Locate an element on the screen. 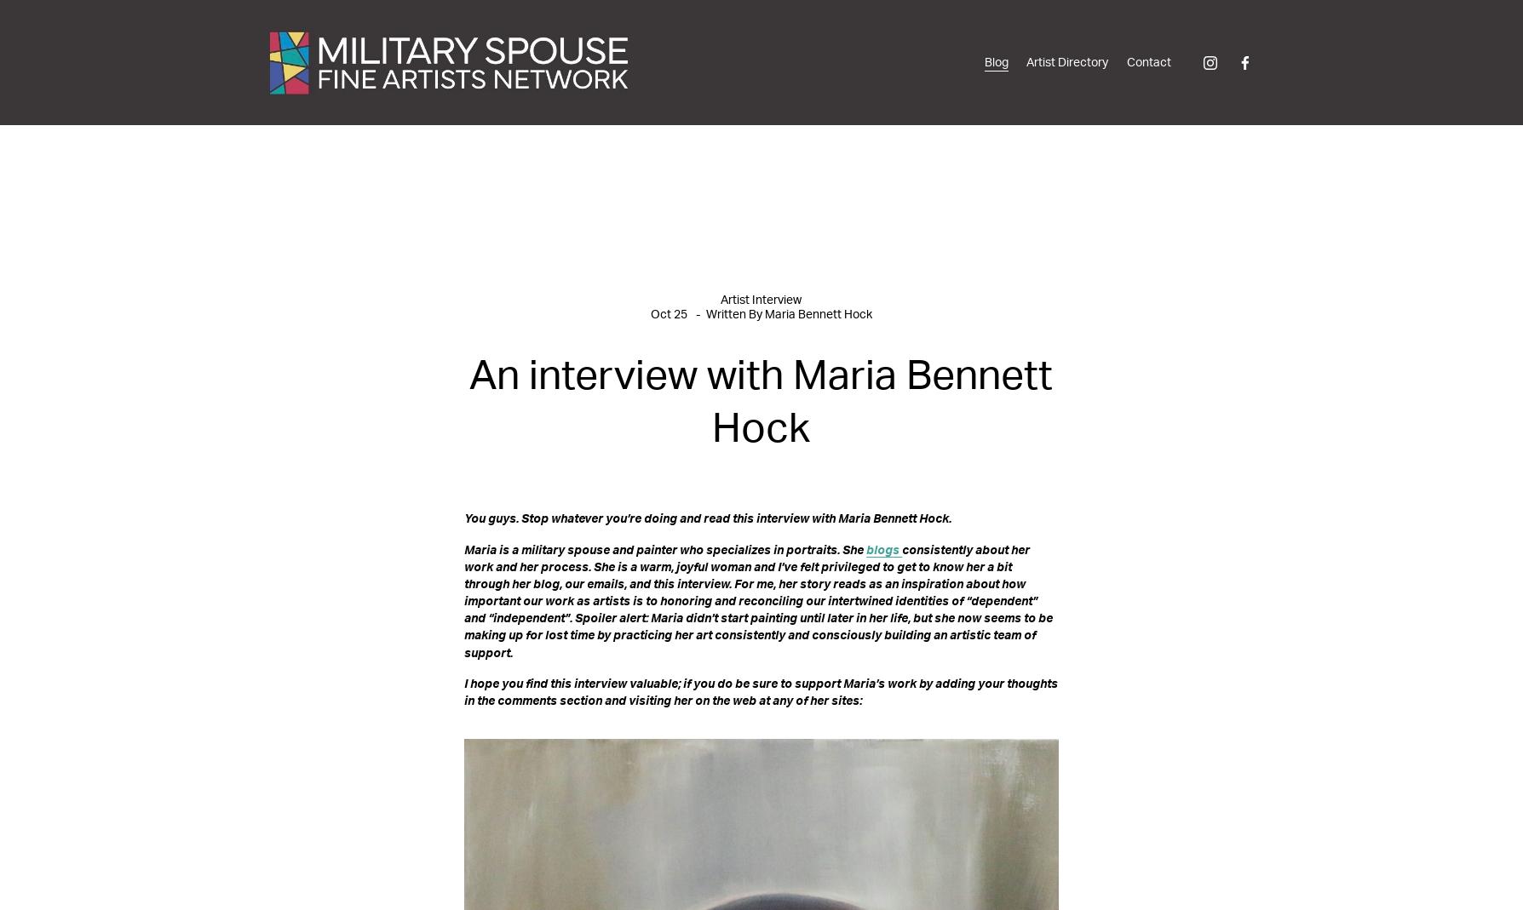 This screenshot has height=910, width=1523. 'Written By' is located at coordinates (734, 314).